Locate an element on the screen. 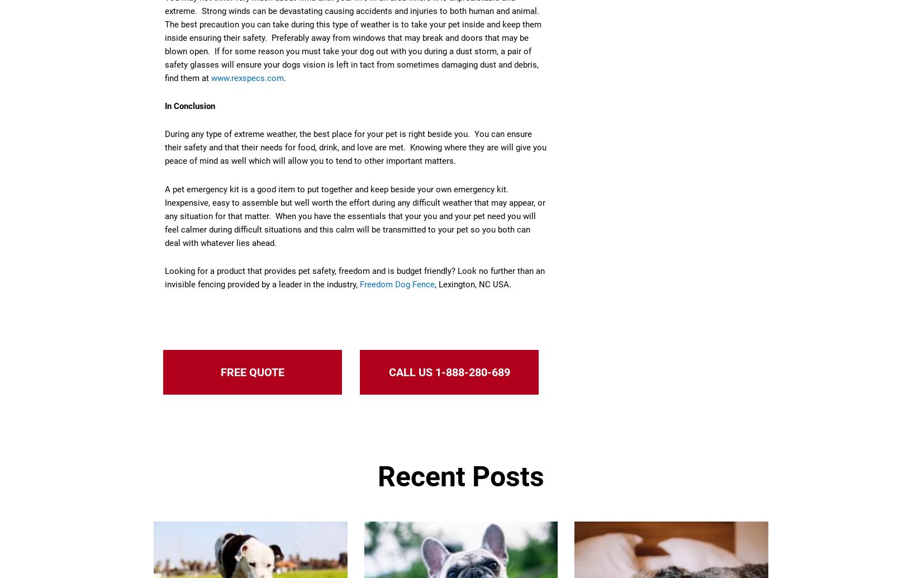  'Looking for a product that provides pet safety, freedom and is budget friendly? Look no further than an invisible fencing provided by a leader in the industry,' is located at coordinates (354, 277).